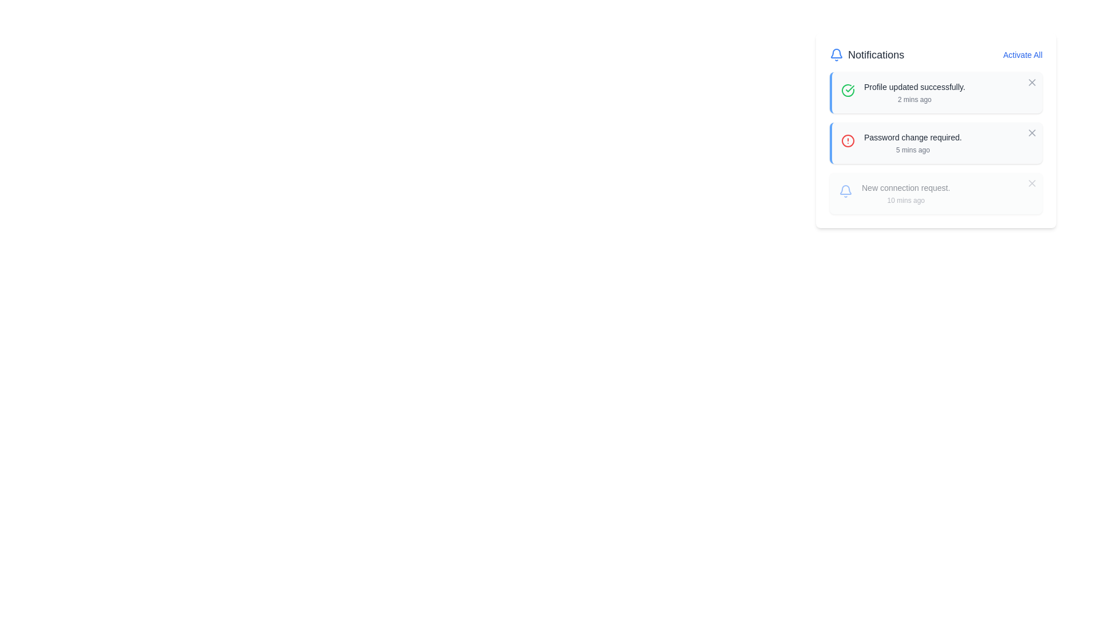 Image resolution: width=1101 pixels, height=619 pixels. I want to click on the timestamp text label located within the notification panel under the 'Password change required.' notification, so click(912, 150).